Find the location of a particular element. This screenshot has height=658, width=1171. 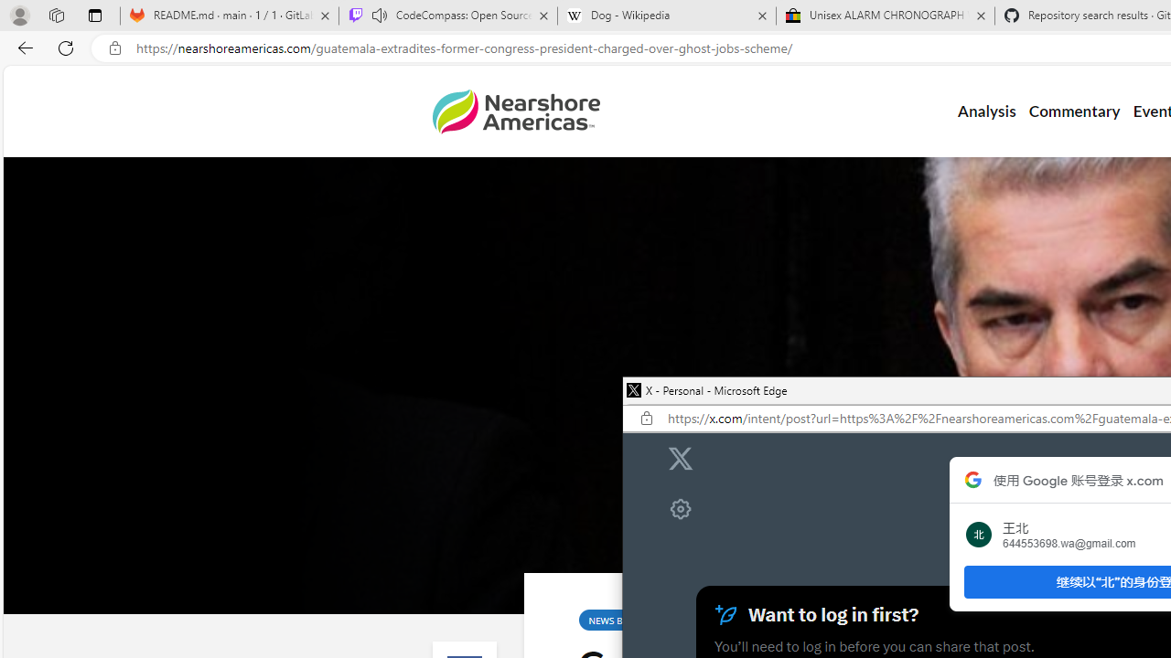

'Commentary' is located at coordinates (1074, 111).